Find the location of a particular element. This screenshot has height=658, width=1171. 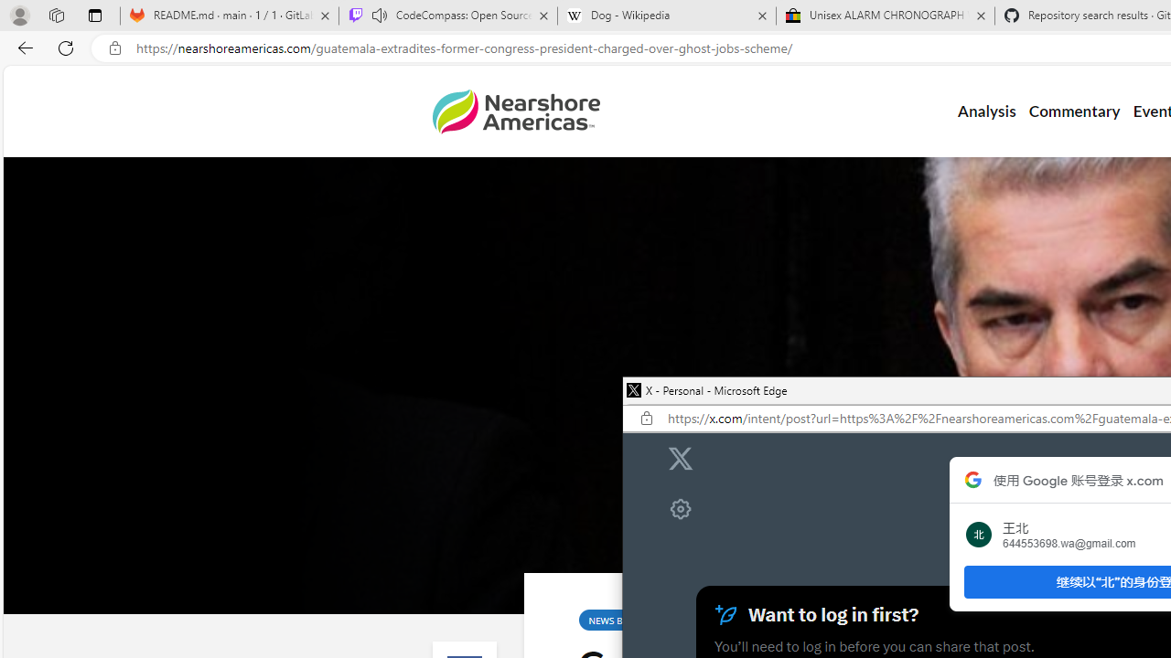

'Commentary' is located at coordinates (1074, 111).